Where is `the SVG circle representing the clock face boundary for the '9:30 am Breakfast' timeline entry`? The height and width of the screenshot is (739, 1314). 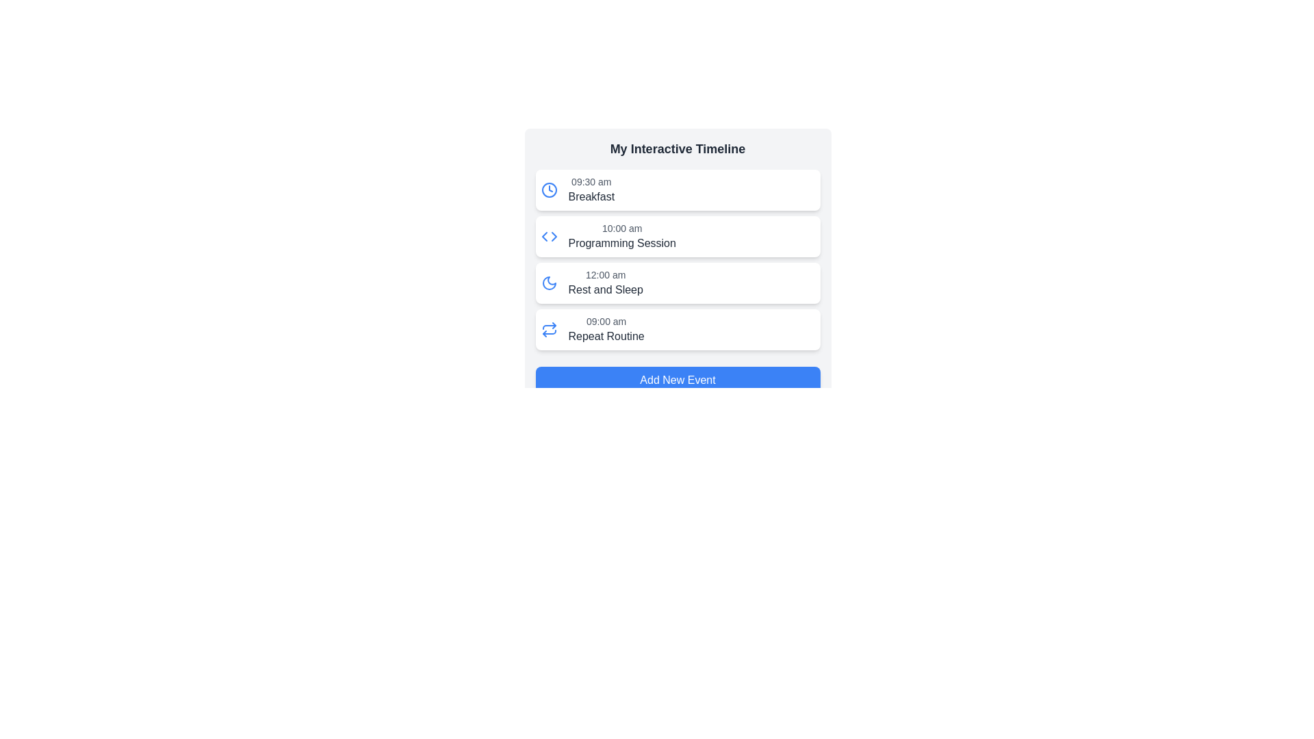
the SVG circle representing the clock face boundary for the '9:30 am Breakfast' timeline entry is located at coordinates (549, 190).